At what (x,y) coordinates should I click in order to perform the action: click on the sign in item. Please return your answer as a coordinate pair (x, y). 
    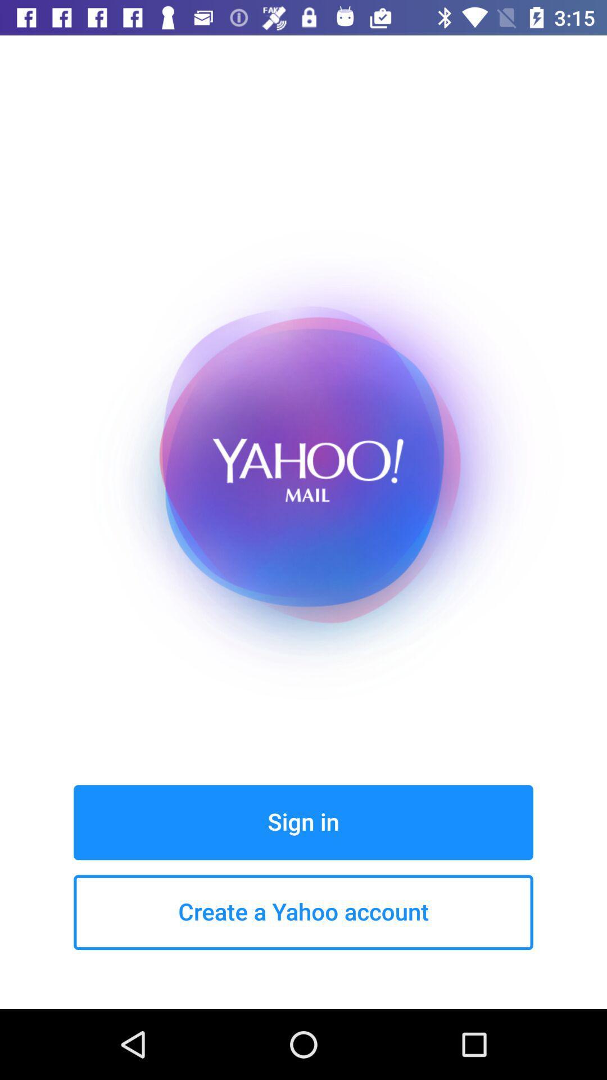
    Looking at the image, I should click on (303, 822).